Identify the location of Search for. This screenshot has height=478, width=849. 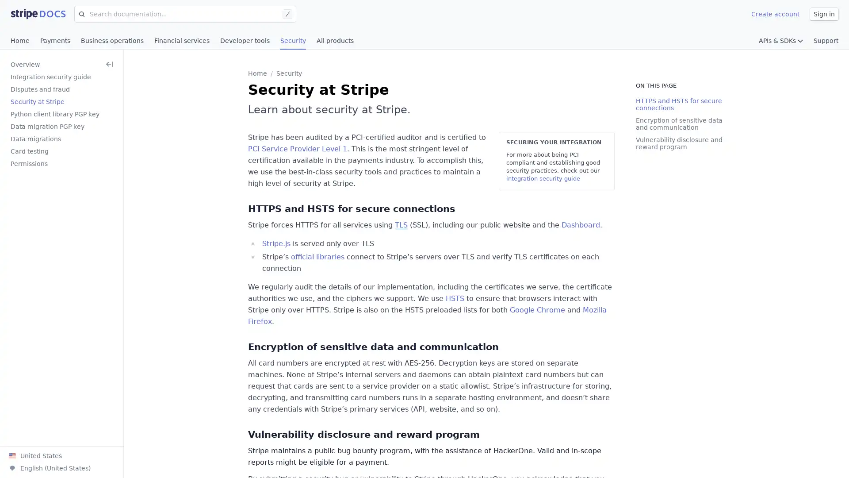
(80, 14).